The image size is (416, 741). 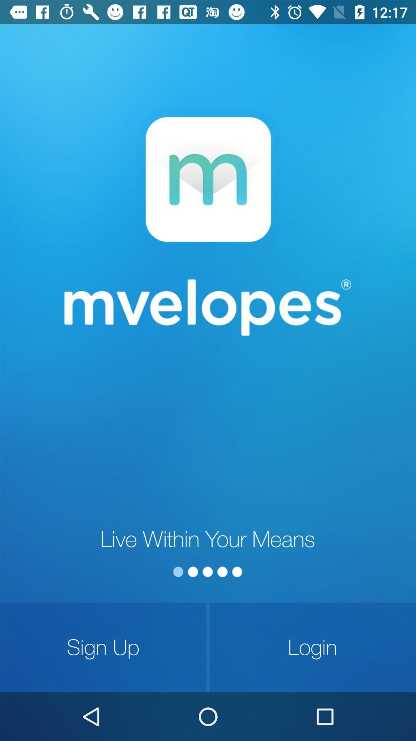 I want to click on item next to sign up, so click(x=312, y=647).